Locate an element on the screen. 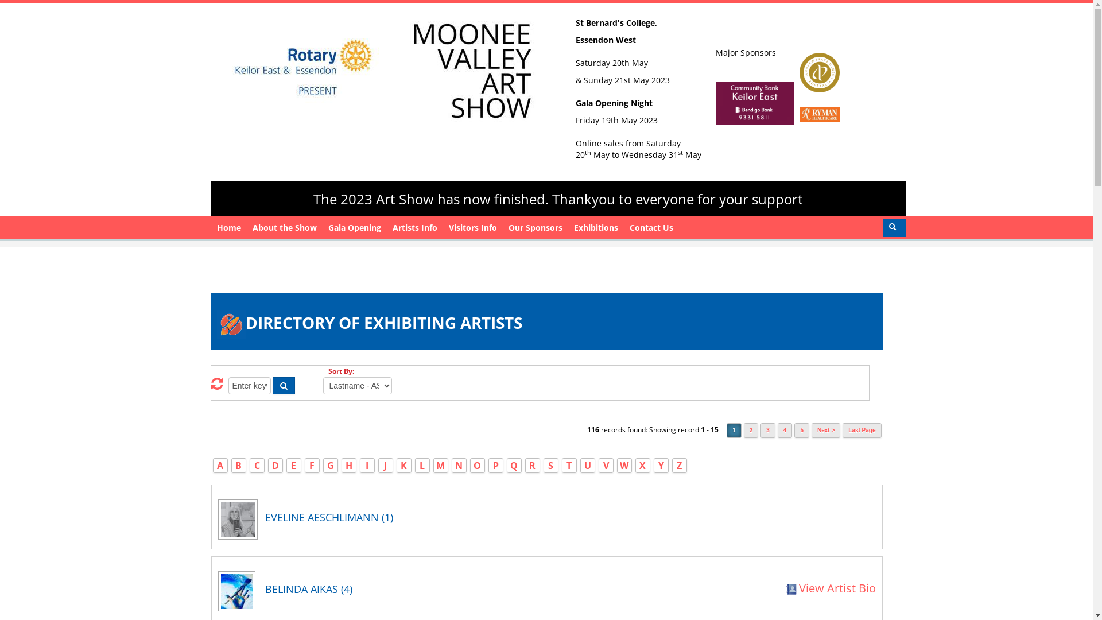 The width and height of the screenshot is (1102, 620). 'View all works by Eveline Aeschlimann' is located at coordinates (218, 523).